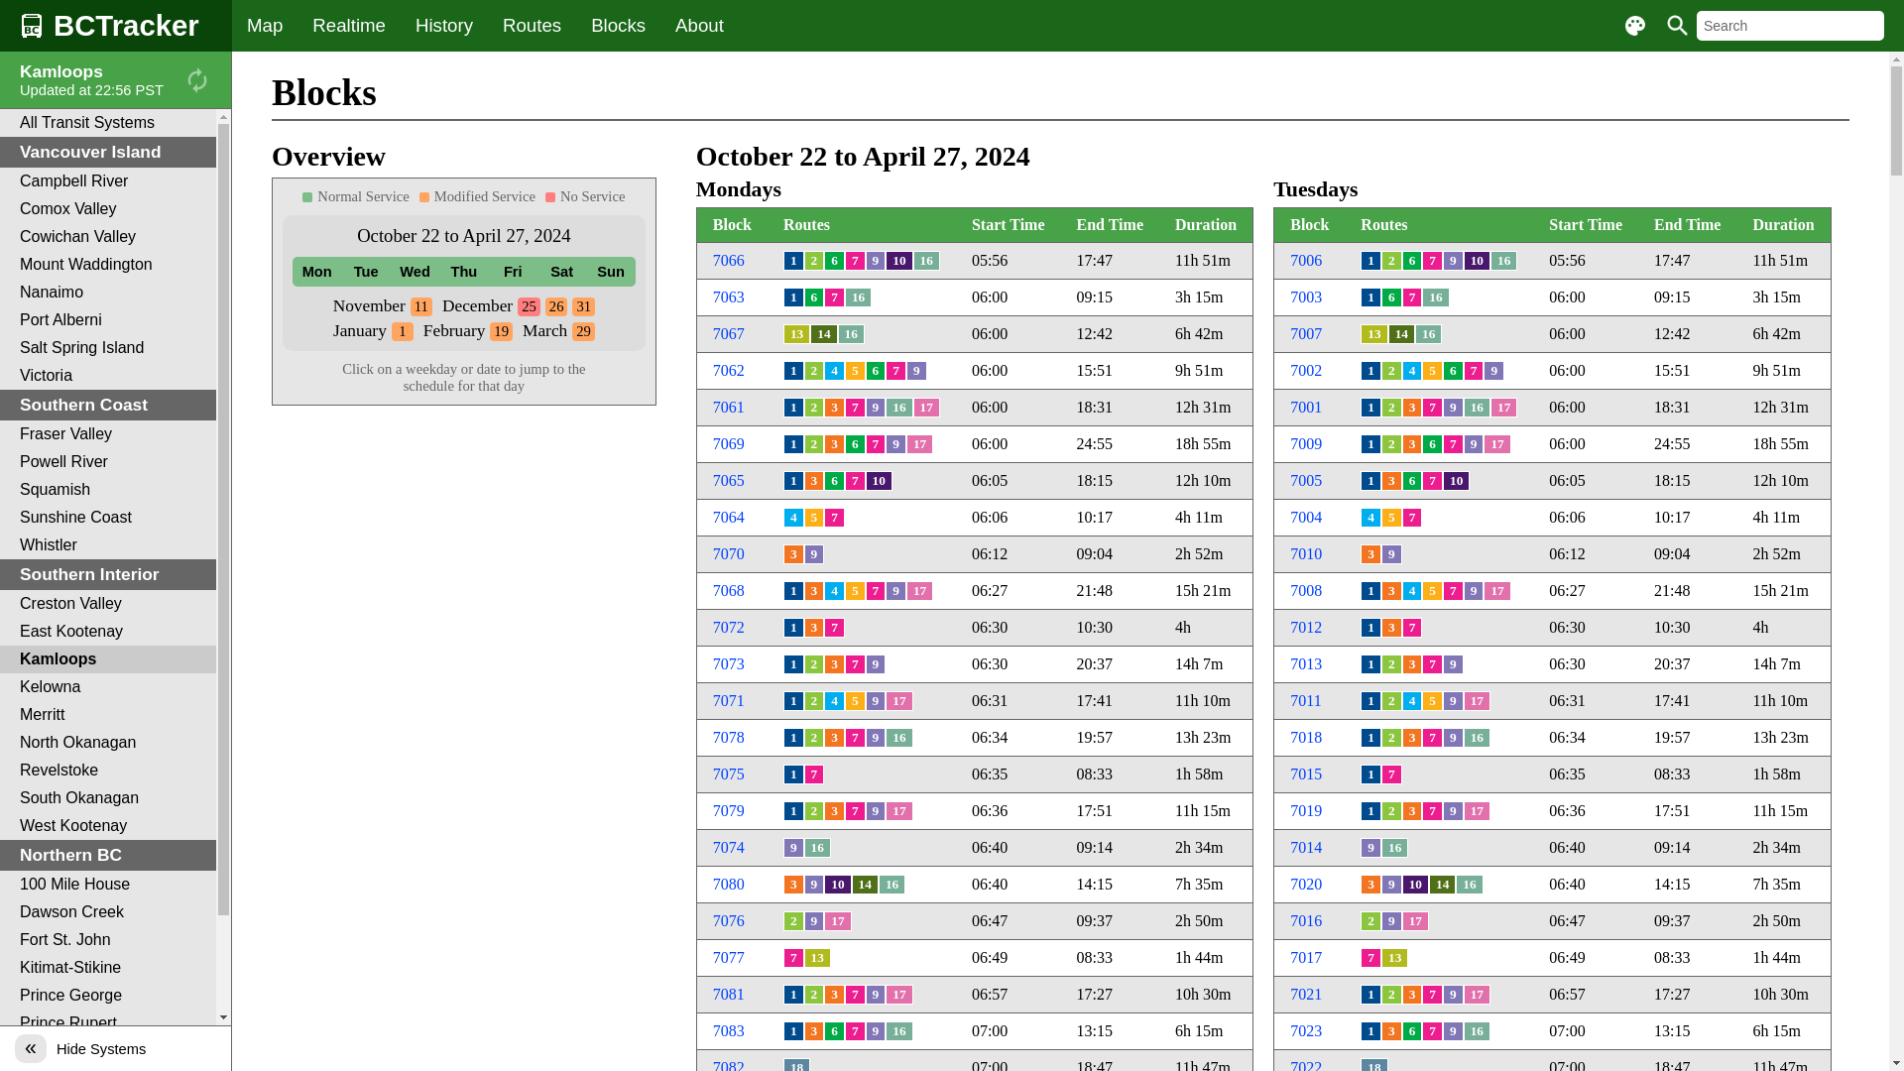 The height and width of the screenshot is (1071, 1904). I want to click on '1', so click(1369, 259).